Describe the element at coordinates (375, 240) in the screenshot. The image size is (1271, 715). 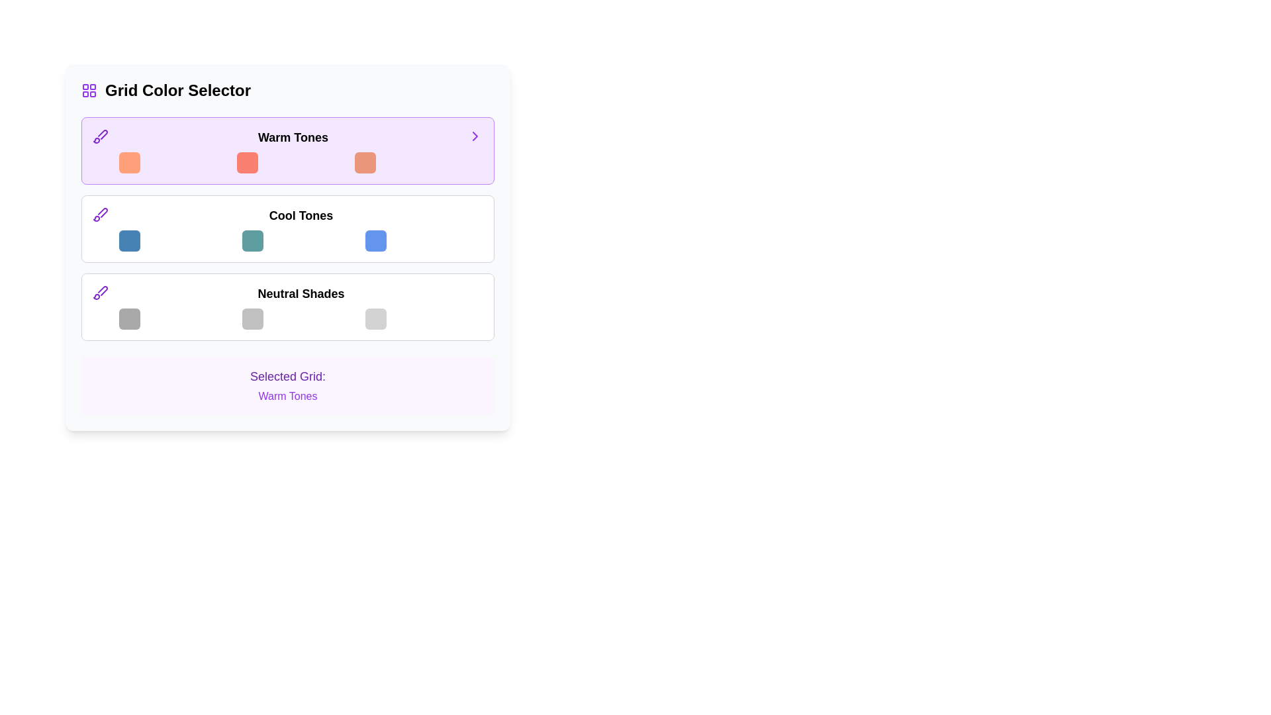
I see `the blue color selection button in the 'Cool Tones' section of the grid color selector to observe more details` at that location.